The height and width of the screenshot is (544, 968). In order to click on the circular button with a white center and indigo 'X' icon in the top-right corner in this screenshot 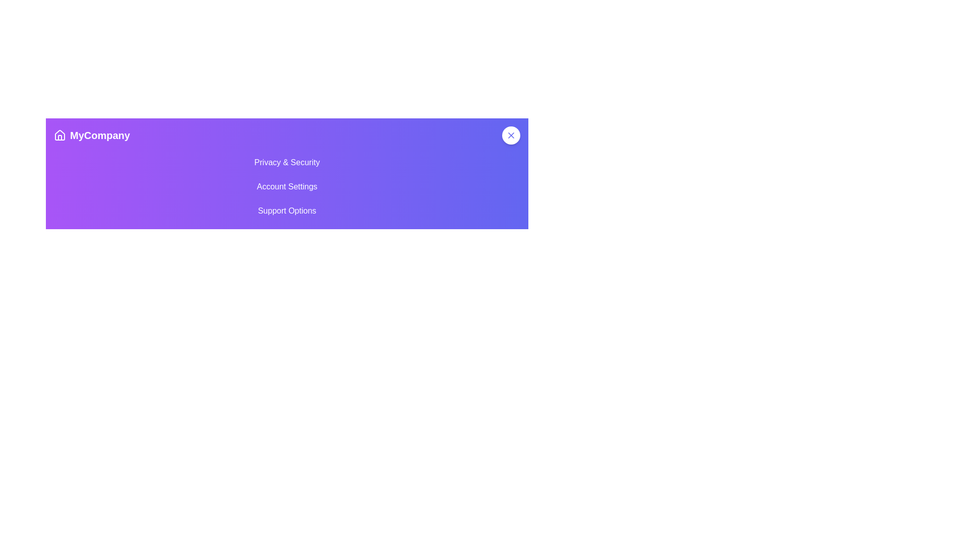, I will do `click(511, 135)`.